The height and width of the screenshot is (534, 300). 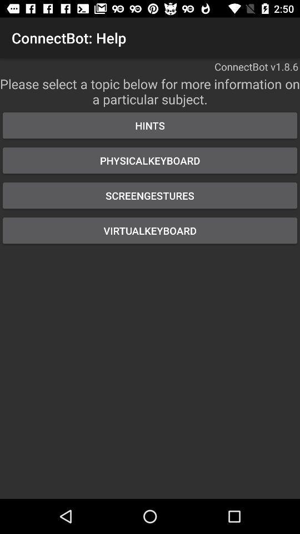 I want to click on the virtualkeyboard item, so click(x=150, y=230).